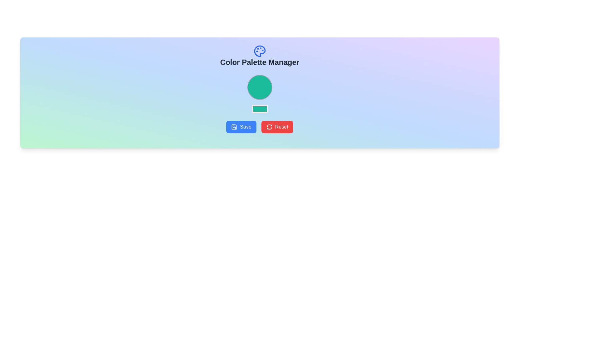 The image size is (599, 337). What do you see at coordinates (260, 51) in the screenshot?
I see `the blue palette-shaped icon located at the top center of the interface, above the 'Color Palette Manager' text` at bounding box center [260, 51].